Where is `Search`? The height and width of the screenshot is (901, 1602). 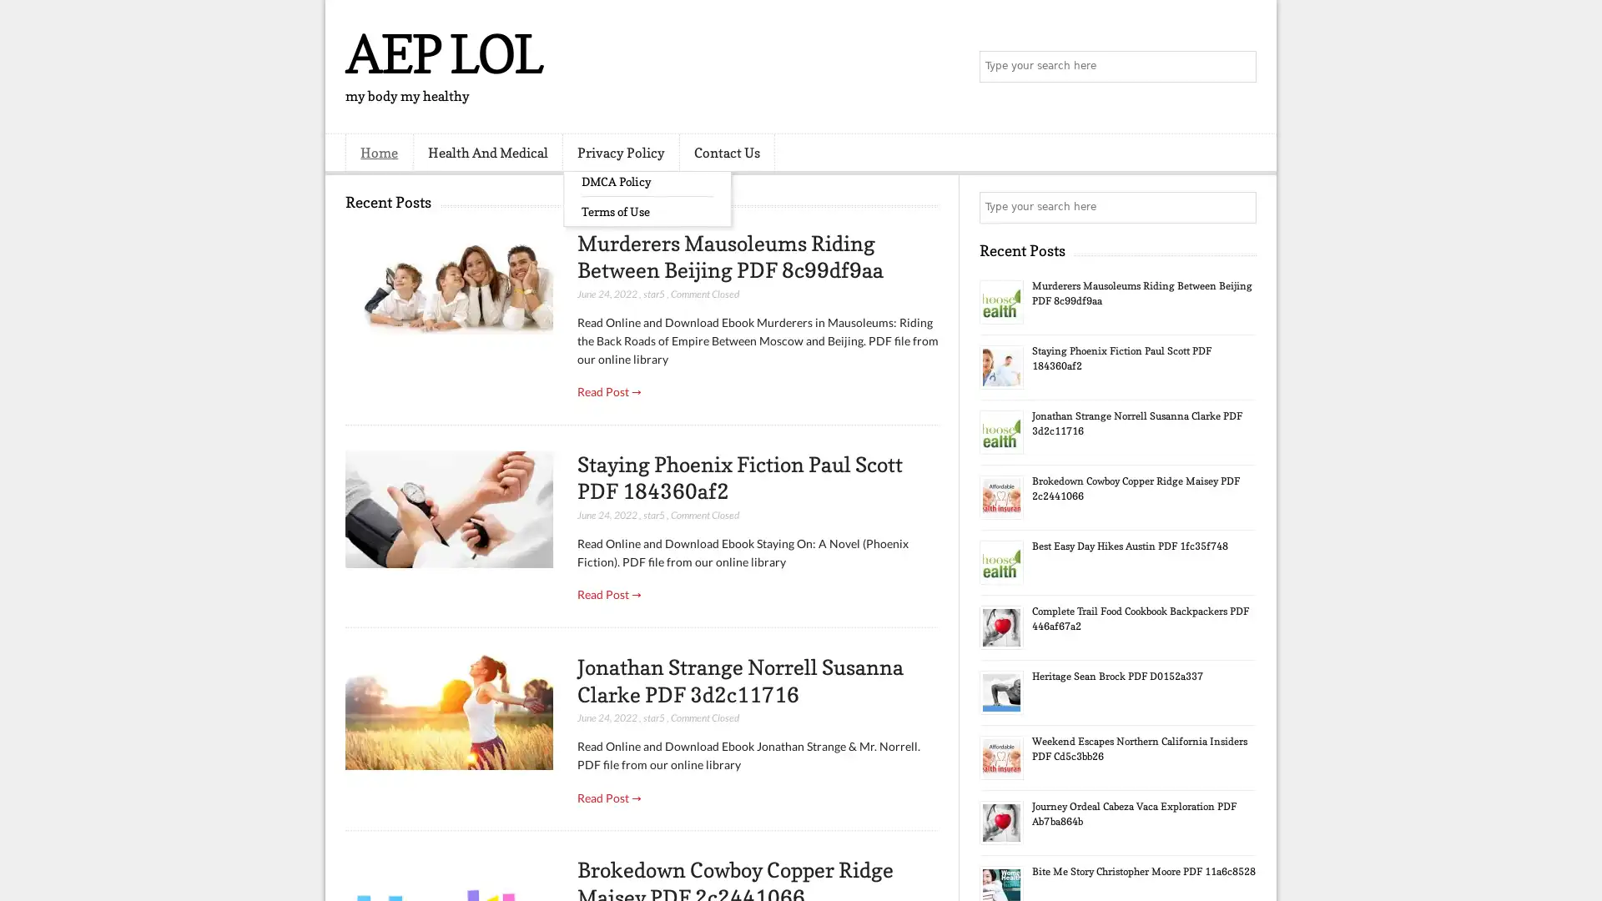 Search is located at coordinates (1239, 207).